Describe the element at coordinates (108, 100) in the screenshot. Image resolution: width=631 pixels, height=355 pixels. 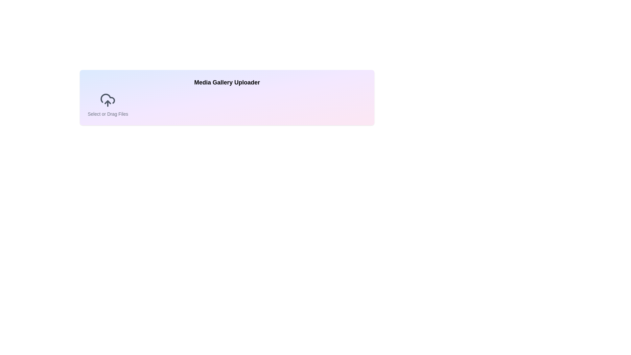
I see `the upload icon located near the top-left corner of the section, which is directly above the 'Select or Drag Files' text, to receive additional information or visual feedback` at that location.